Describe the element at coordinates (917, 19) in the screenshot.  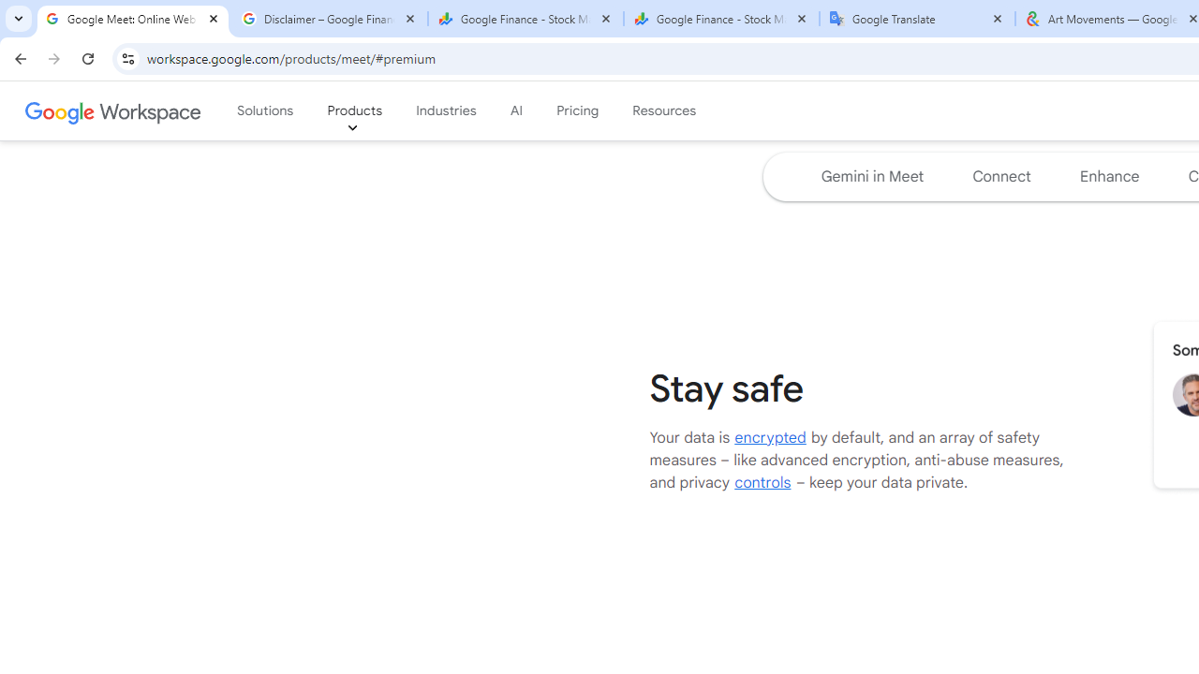
I see `'Google Translate'` at that location.